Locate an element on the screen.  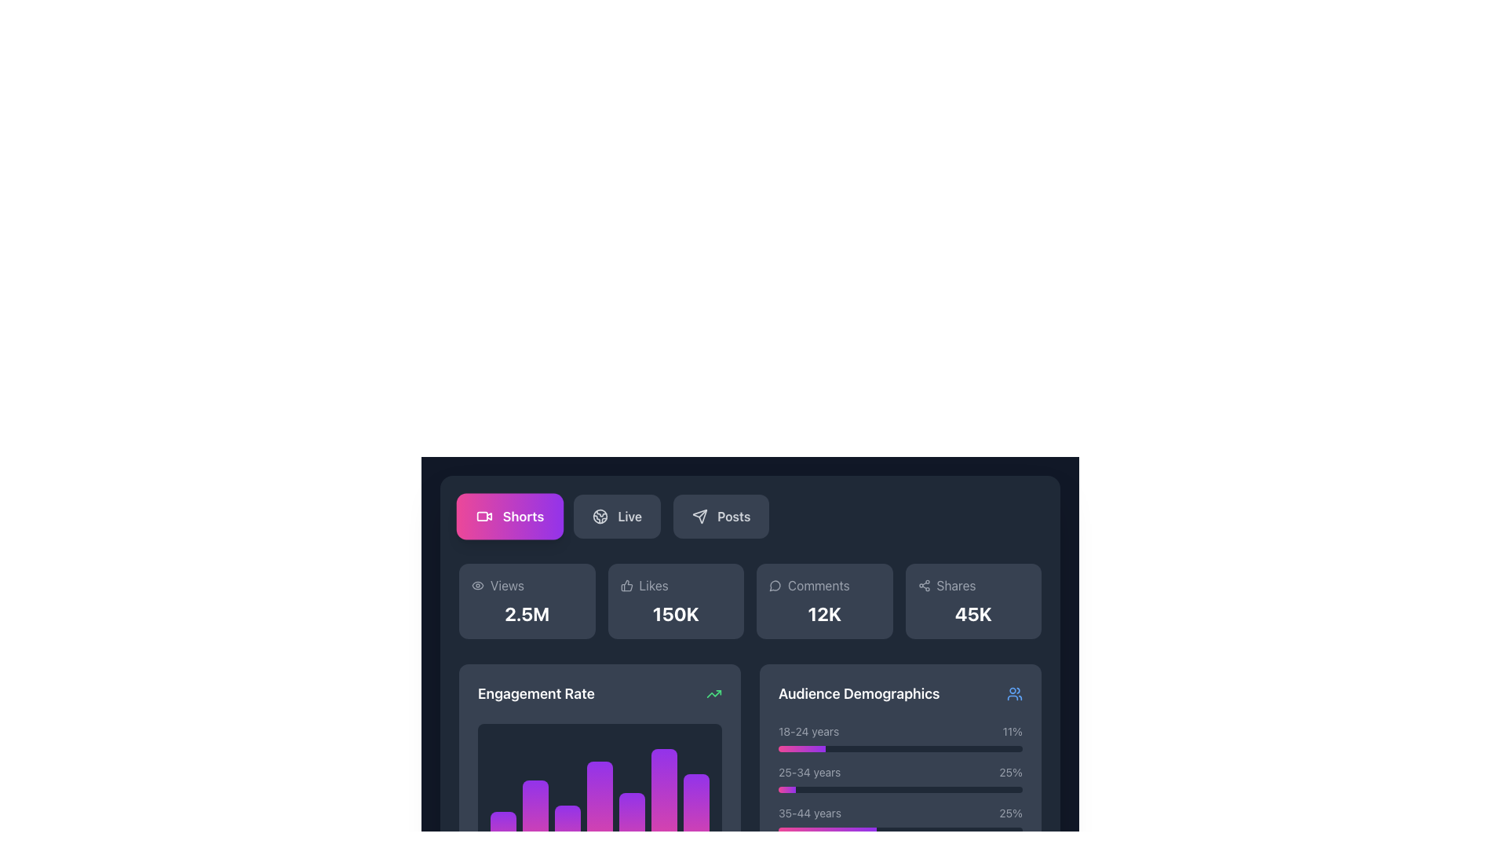
the comment icon resembling a speech bubble with a tail, which is the third icon from the left in the comments section of the user interface is located at coordinates (775, 586).